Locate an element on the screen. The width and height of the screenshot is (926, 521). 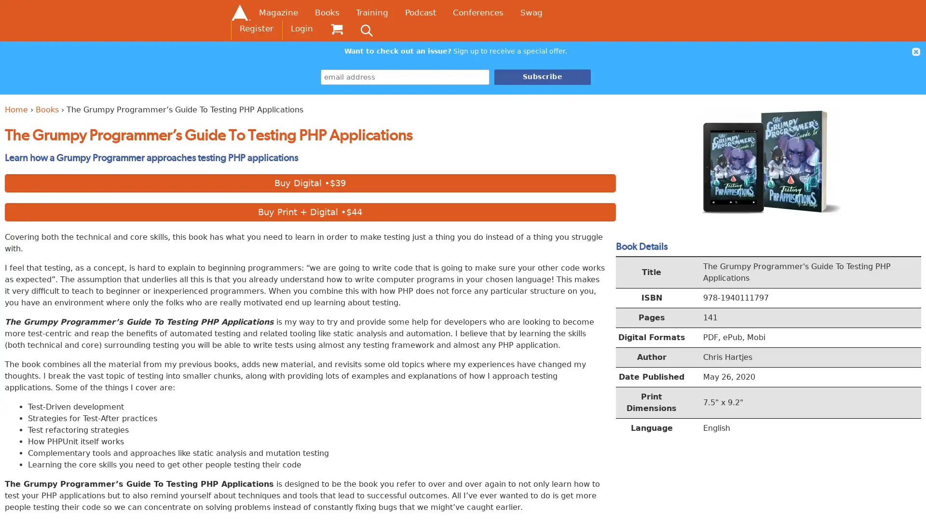
Close is located at coordinates (915, 52).